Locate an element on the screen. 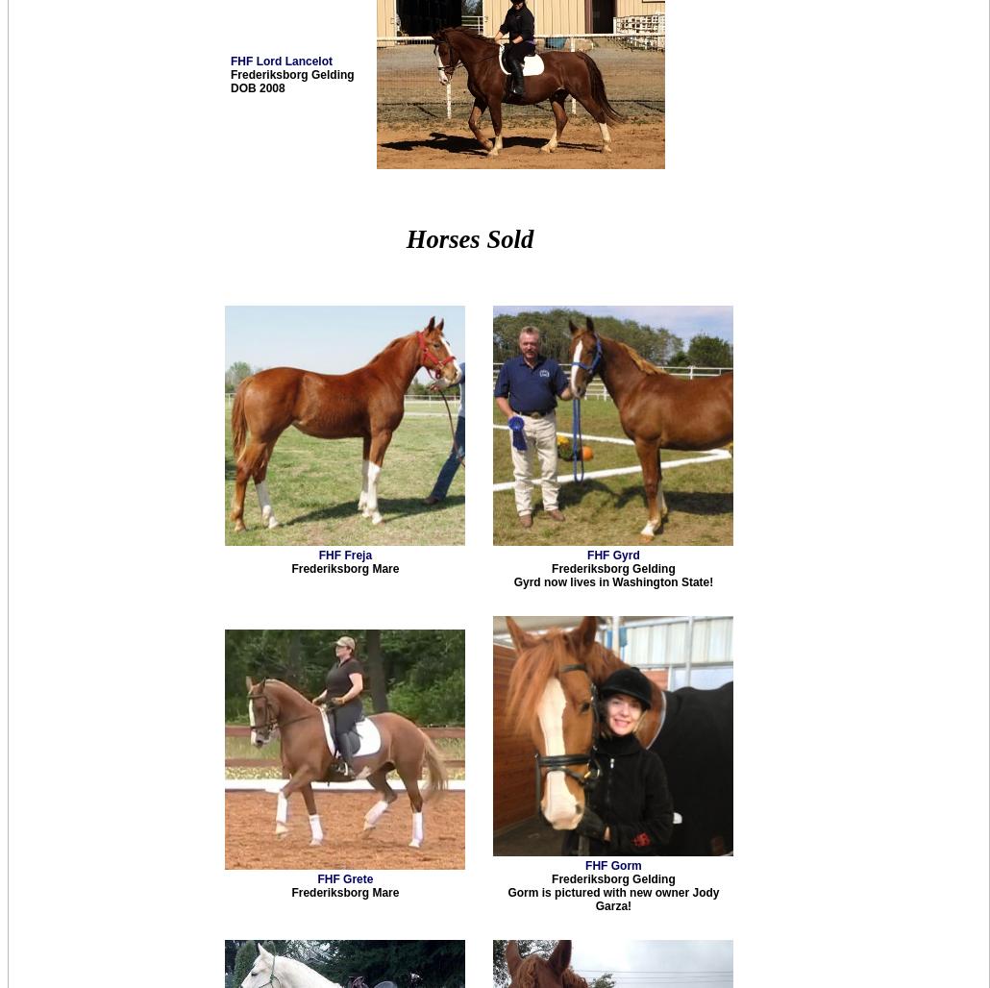  'Horses Sold' is located at coordinates (405, 237).